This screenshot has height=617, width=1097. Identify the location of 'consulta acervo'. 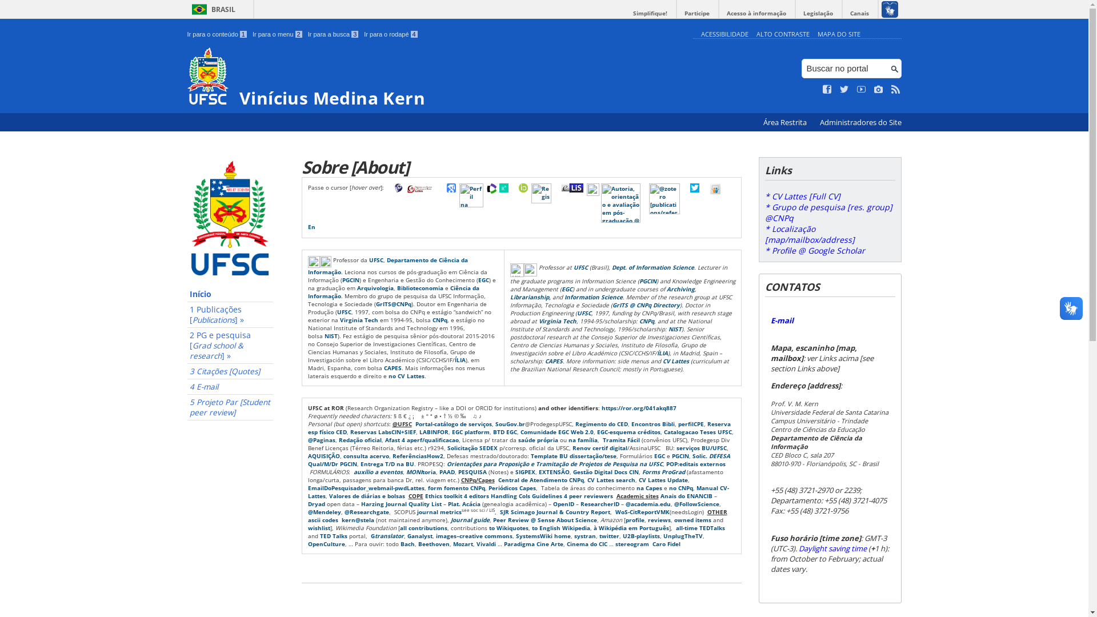
(365, 455).